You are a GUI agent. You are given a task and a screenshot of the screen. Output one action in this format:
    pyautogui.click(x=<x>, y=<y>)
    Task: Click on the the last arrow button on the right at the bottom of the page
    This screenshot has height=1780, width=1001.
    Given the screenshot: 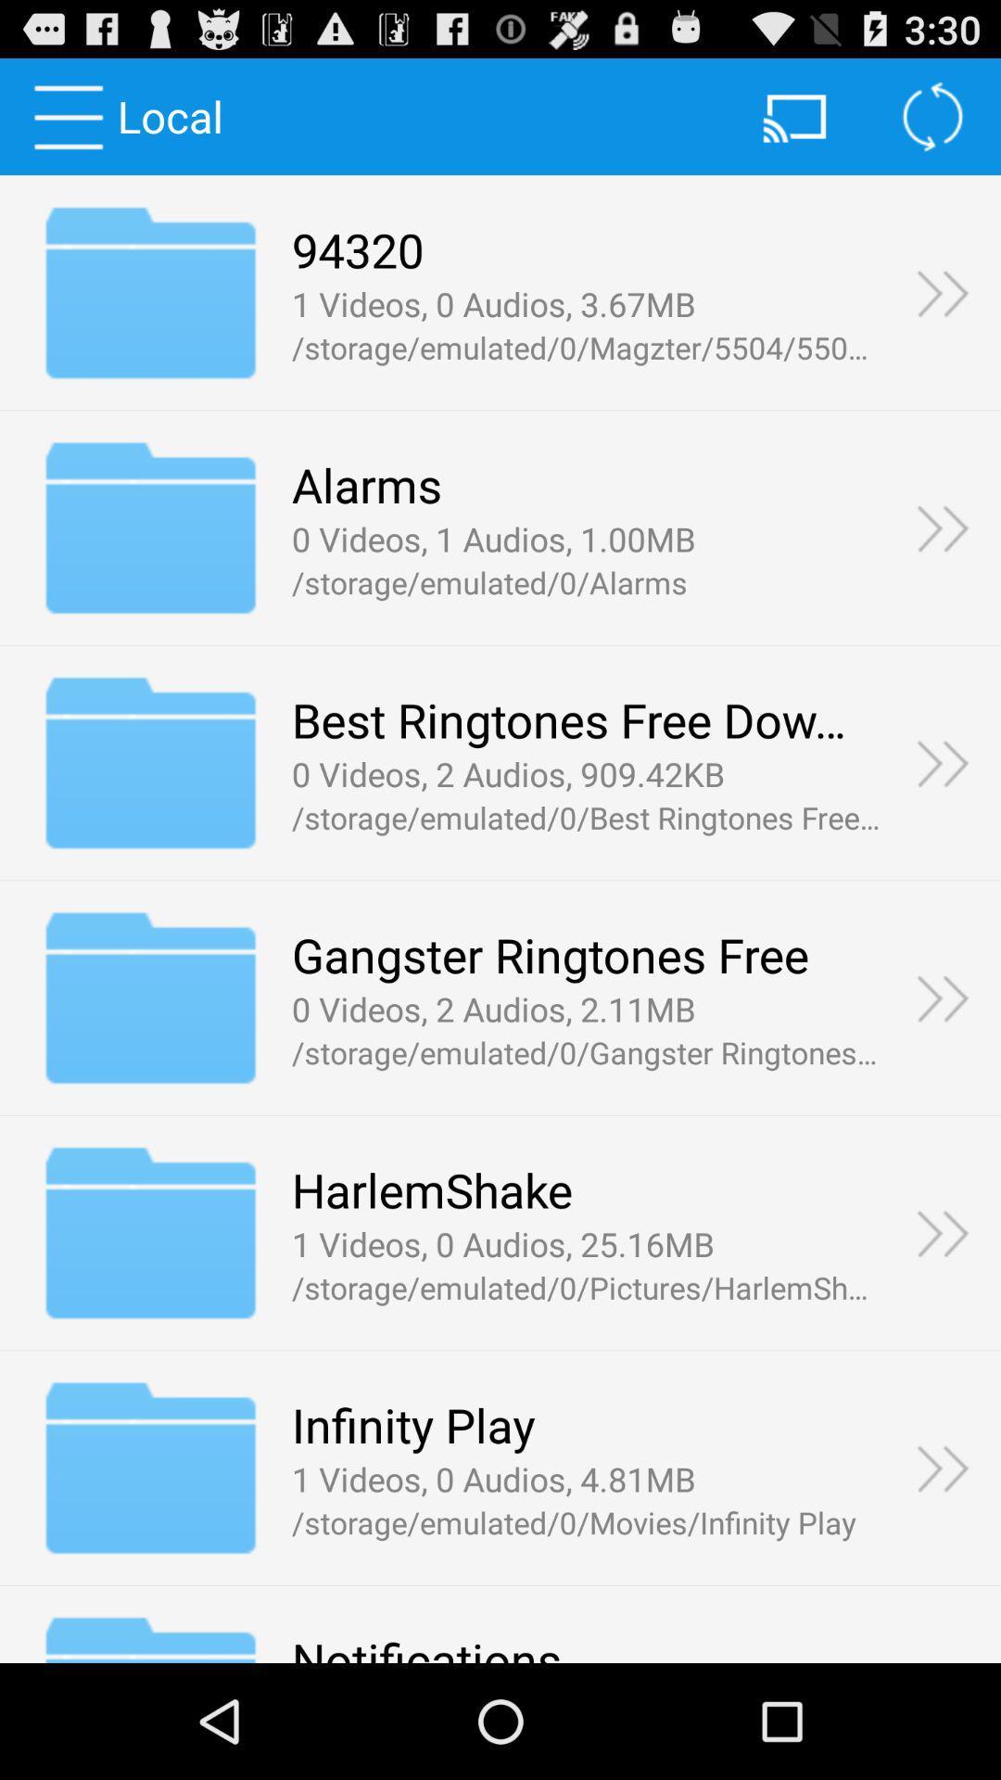 What is the action you would take?
    pyautogui.click(x=943, y=1467)
    